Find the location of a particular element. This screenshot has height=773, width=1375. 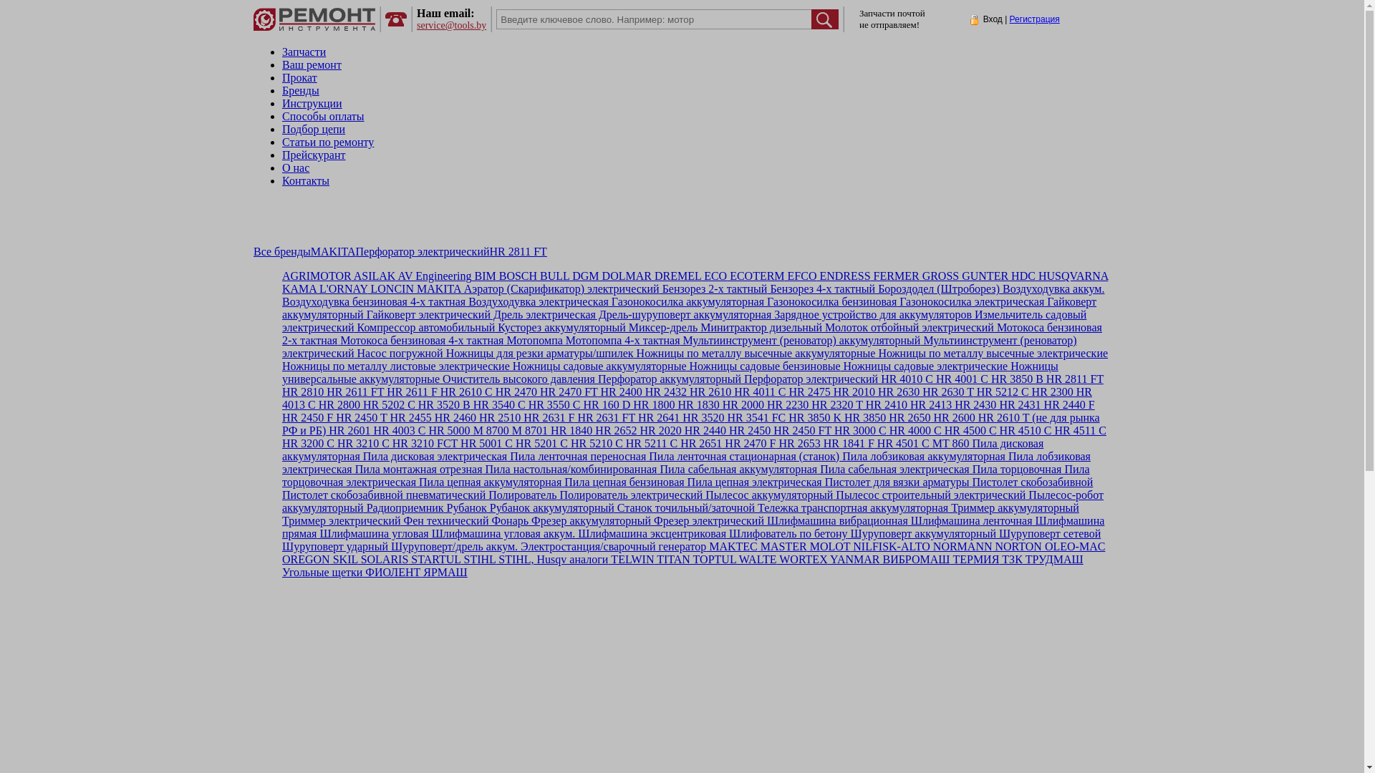

'HR 2510' is located at coordinates (498, 417).